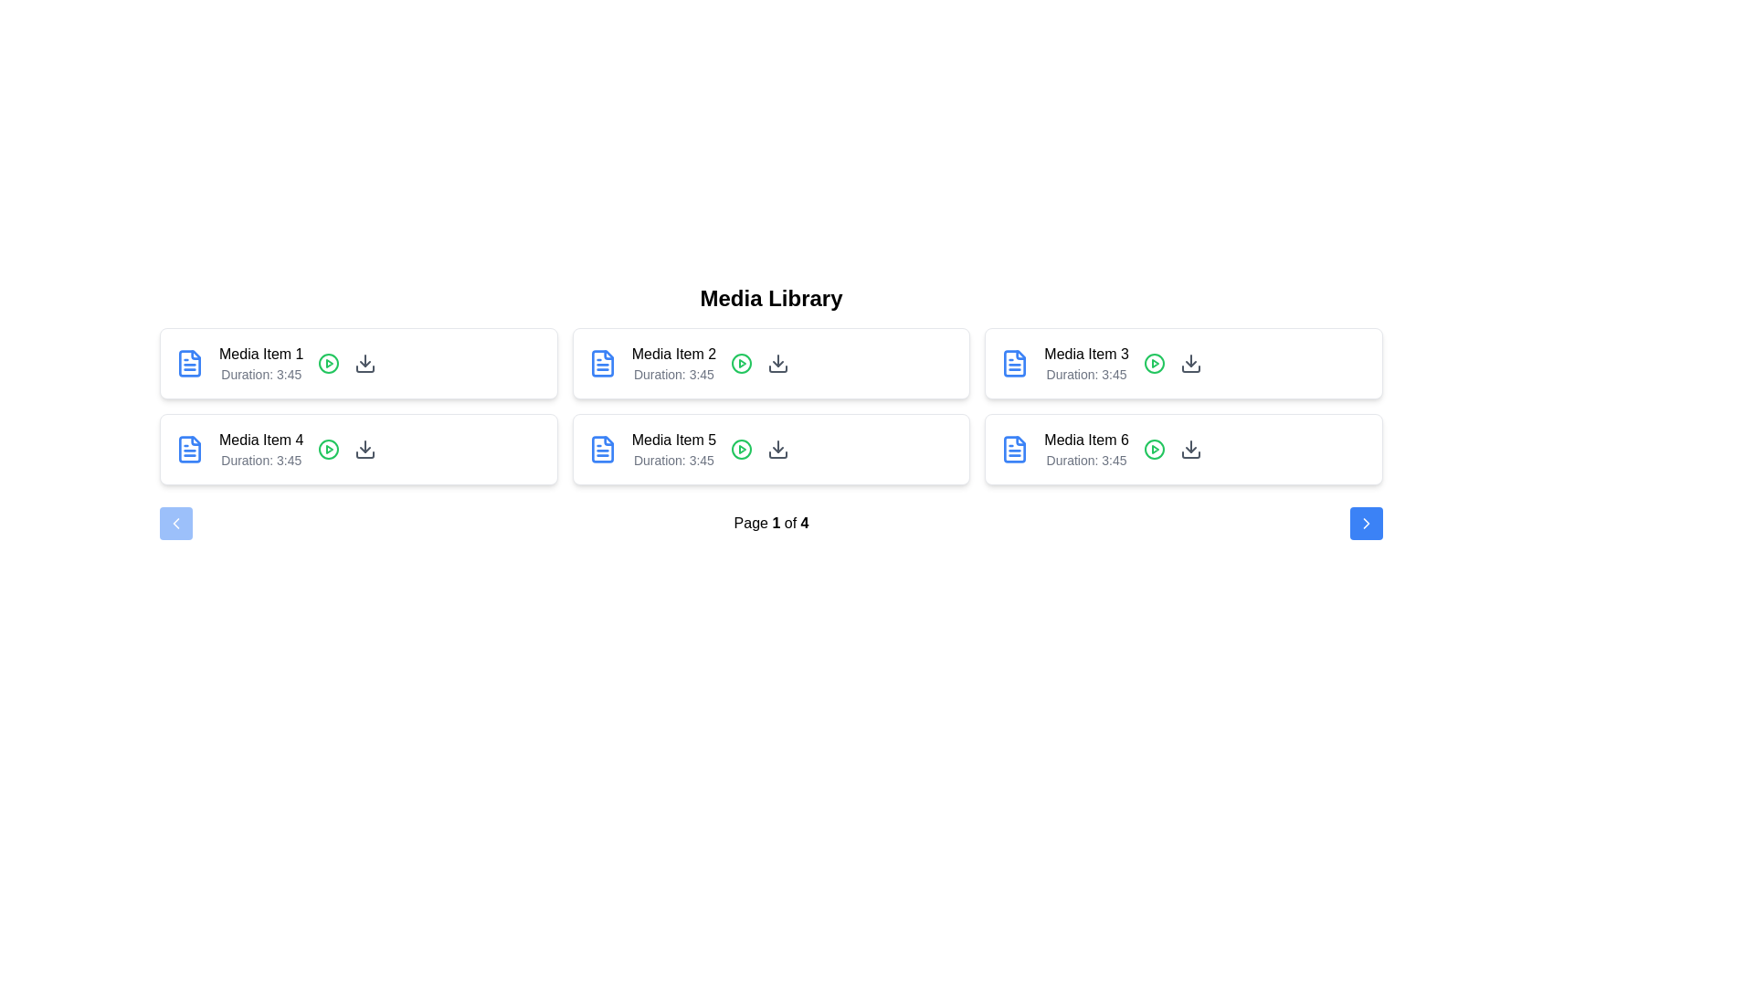  Describe the element at coordinates (602, 363) in the screenshot. I see `the icon resembling a document with lines indicating text, styled with a blue fill, located at the top left corner of 'Media Item 2' in the grid layout` at that location.